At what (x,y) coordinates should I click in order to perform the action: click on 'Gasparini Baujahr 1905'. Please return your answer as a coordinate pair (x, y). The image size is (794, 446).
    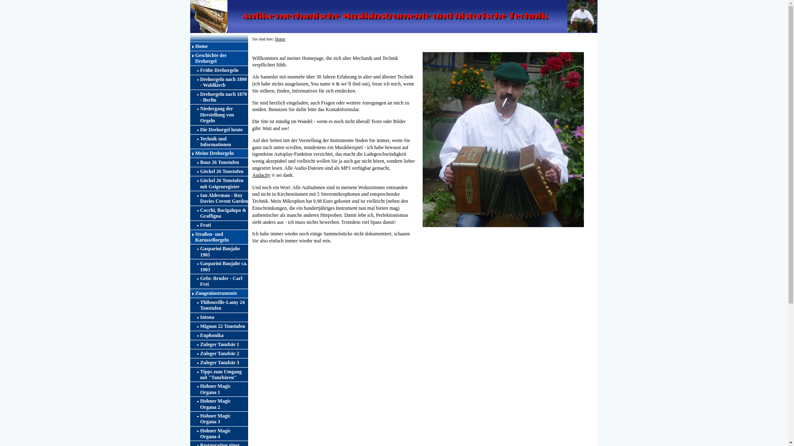
    Looking at the image, I should click on (219, 251).